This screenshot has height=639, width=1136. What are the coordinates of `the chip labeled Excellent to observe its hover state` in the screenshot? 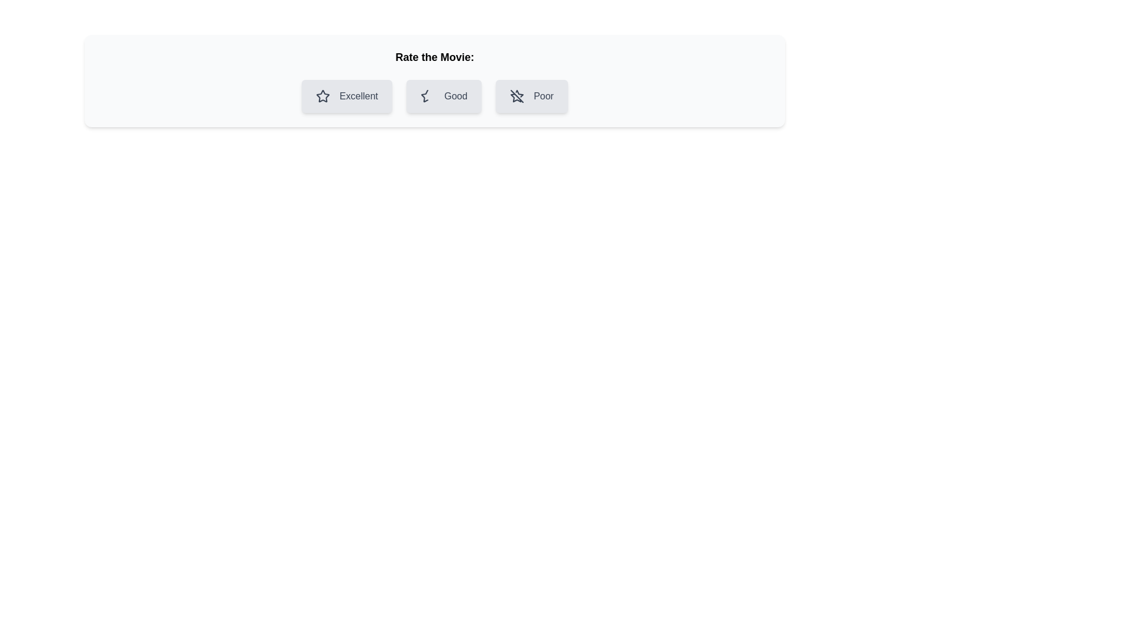 It's located at (346, 95).